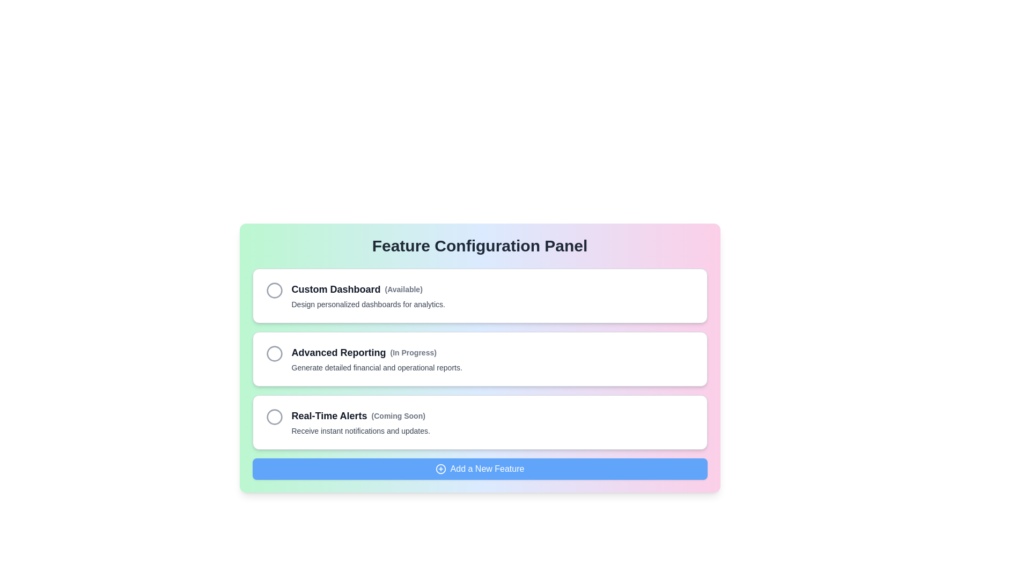 This screenshot has width=1030, height=579. I want to click on the descriptive text below the title 'Real-Time Alerts (Coming Soon)', so click(360, 430).